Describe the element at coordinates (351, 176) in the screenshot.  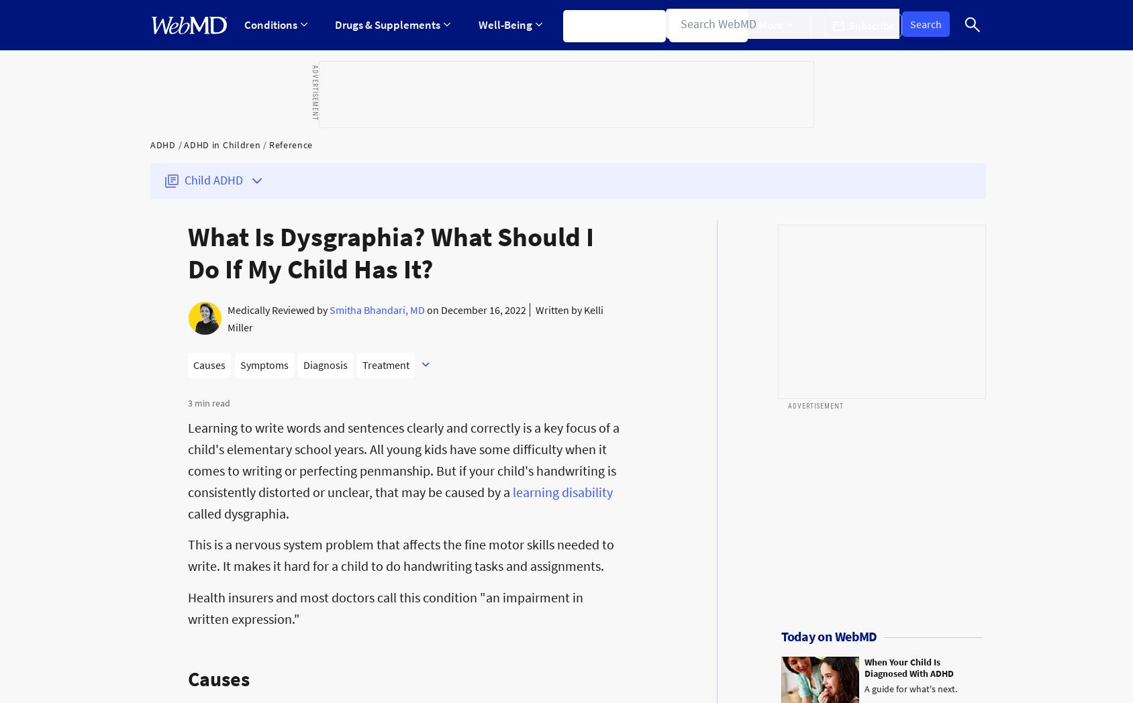
I see `'Interaction Checker'` at that location.